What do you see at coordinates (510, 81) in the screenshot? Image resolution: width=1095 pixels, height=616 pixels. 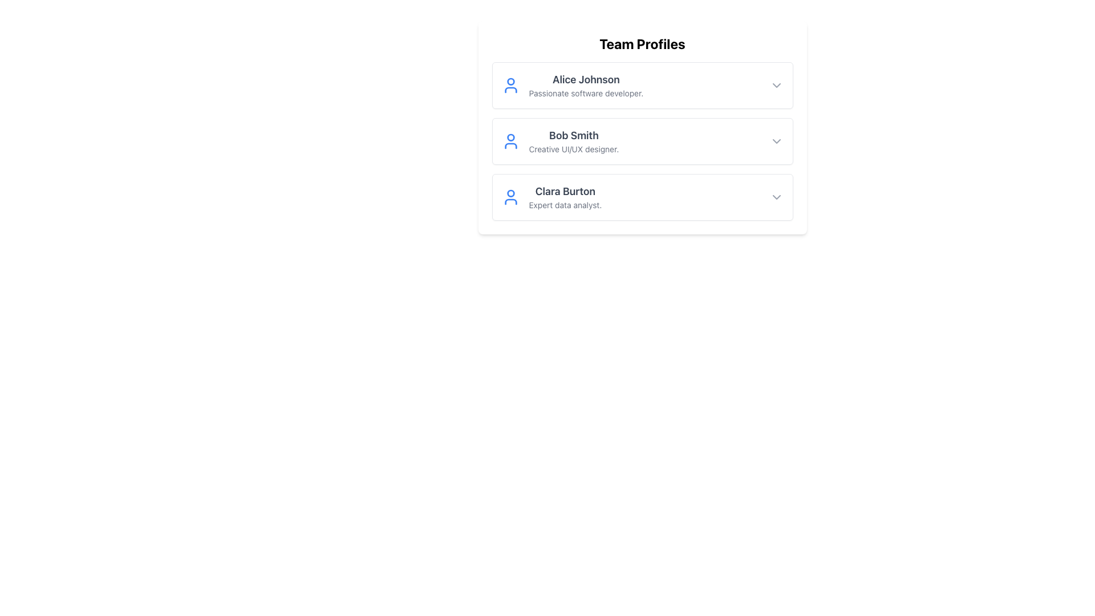 I see `the circular graphical icon of the user profile indicator, which is part of a blue user icon located to the left of the 'Alice Johnson' label in the 'Team Profiles' section` at bounding box center [510, 81].